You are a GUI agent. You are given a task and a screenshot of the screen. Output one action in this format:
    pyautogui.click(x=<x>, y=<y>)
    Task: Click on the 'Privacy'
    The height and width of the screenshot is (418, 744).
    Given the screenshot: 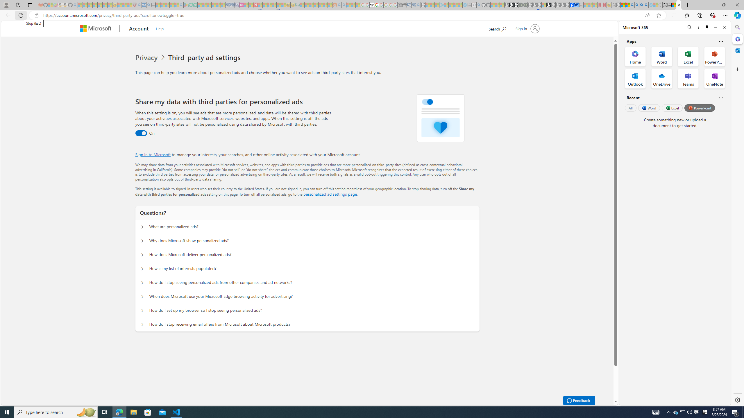 What is the action you would take?
    pyautogui.click(x=151, y=57)
    